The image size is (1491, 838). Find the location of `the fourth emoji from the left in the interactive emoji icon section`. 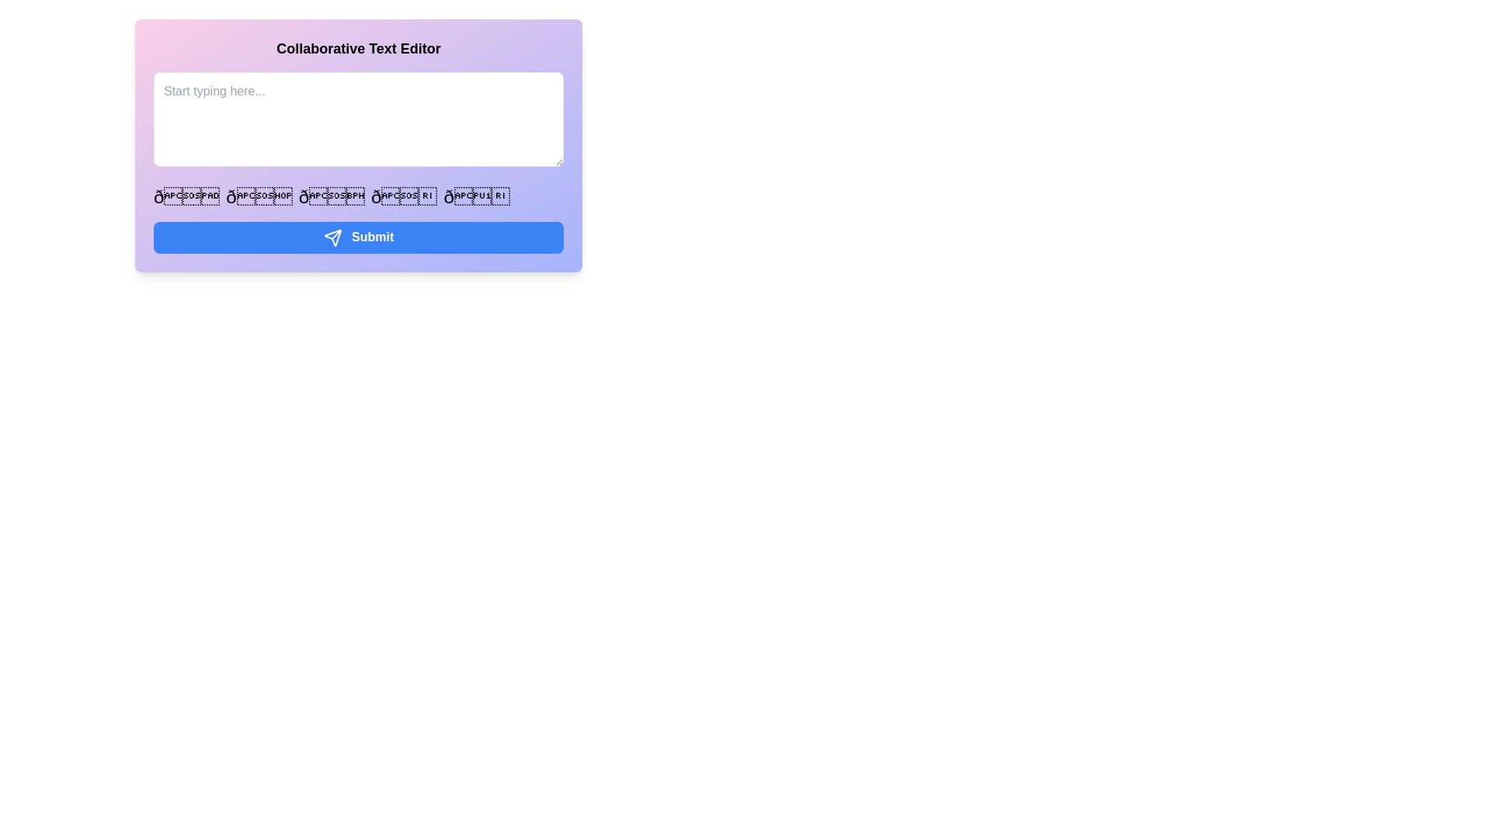

the fourth emoji from the left in the interactive emoji icon section is located at coordinates (404, 196).